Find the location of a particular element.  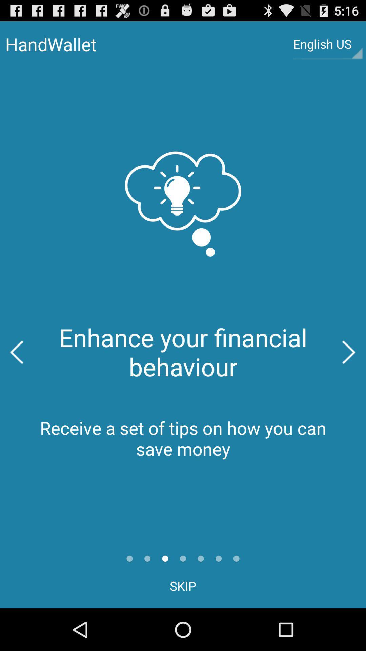

icon on the left is located at coordinates (16, 352).